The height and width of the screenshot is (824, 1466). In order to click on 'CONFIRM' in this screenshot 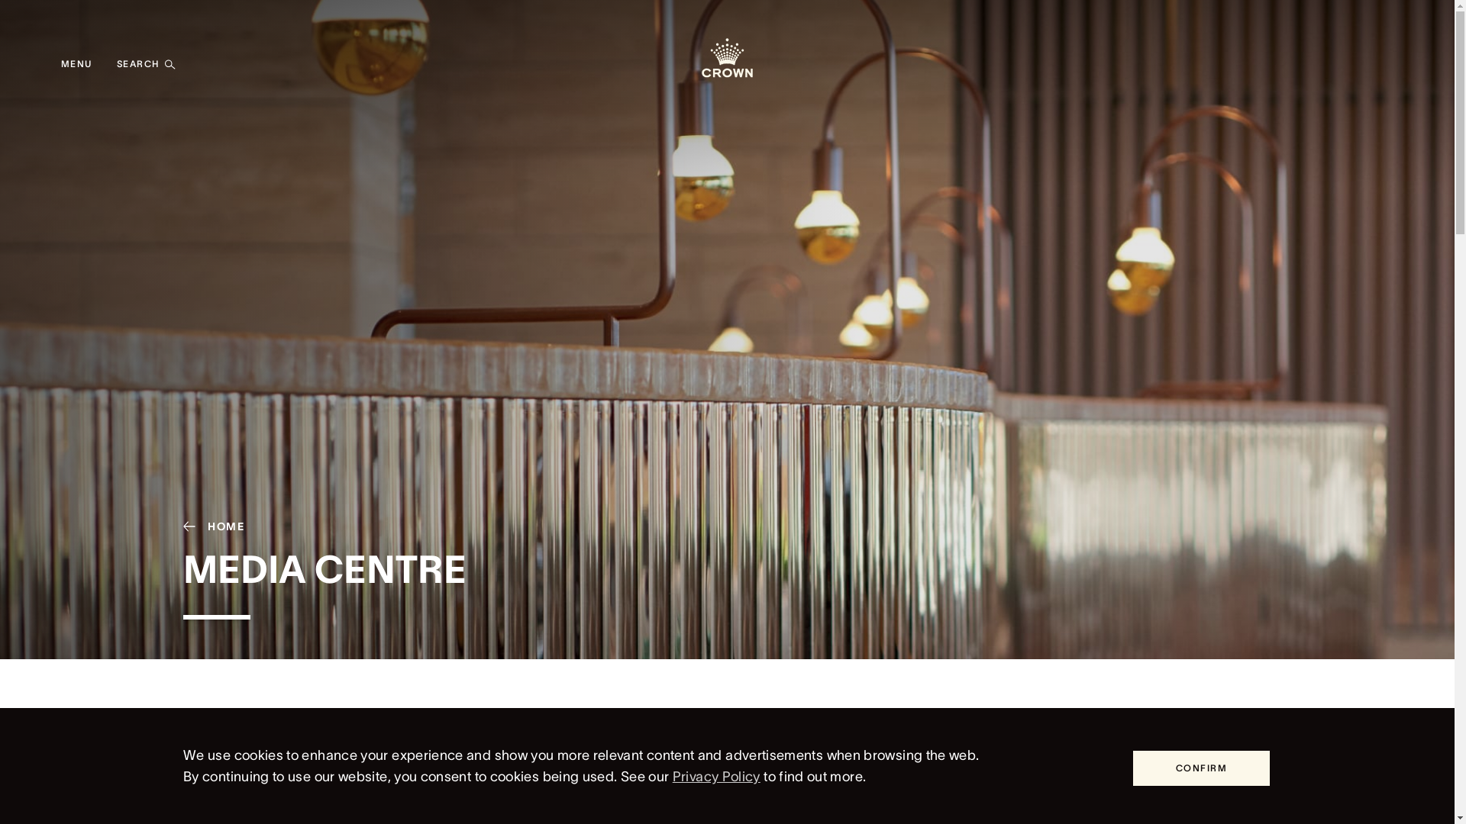, I will do `click(1200, 768)`.